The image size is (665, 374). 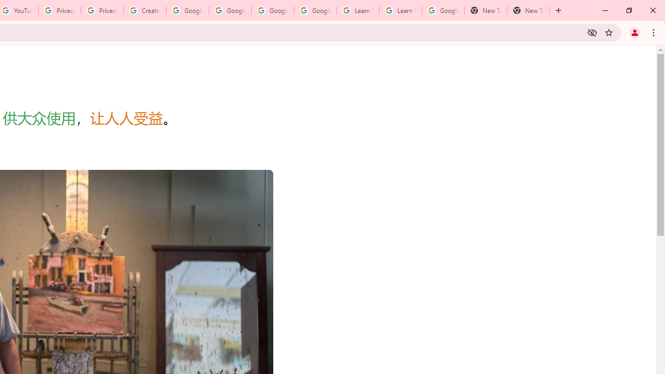 What do you see at coordinates (608, 32) in the screenshot?
I see `'Bookmark this tab'` at bounding box center [608, 32].